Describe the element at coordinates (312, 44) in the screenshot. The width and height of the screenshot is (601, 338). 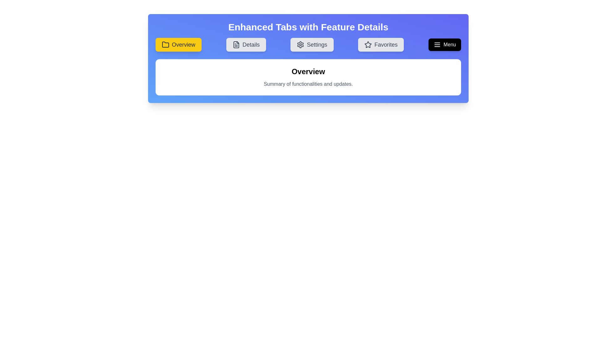
I see `the 'Settings' button, which is a rounded rectangle with a light gray background, dark gray text, and a gear-shaped icon` at that location.